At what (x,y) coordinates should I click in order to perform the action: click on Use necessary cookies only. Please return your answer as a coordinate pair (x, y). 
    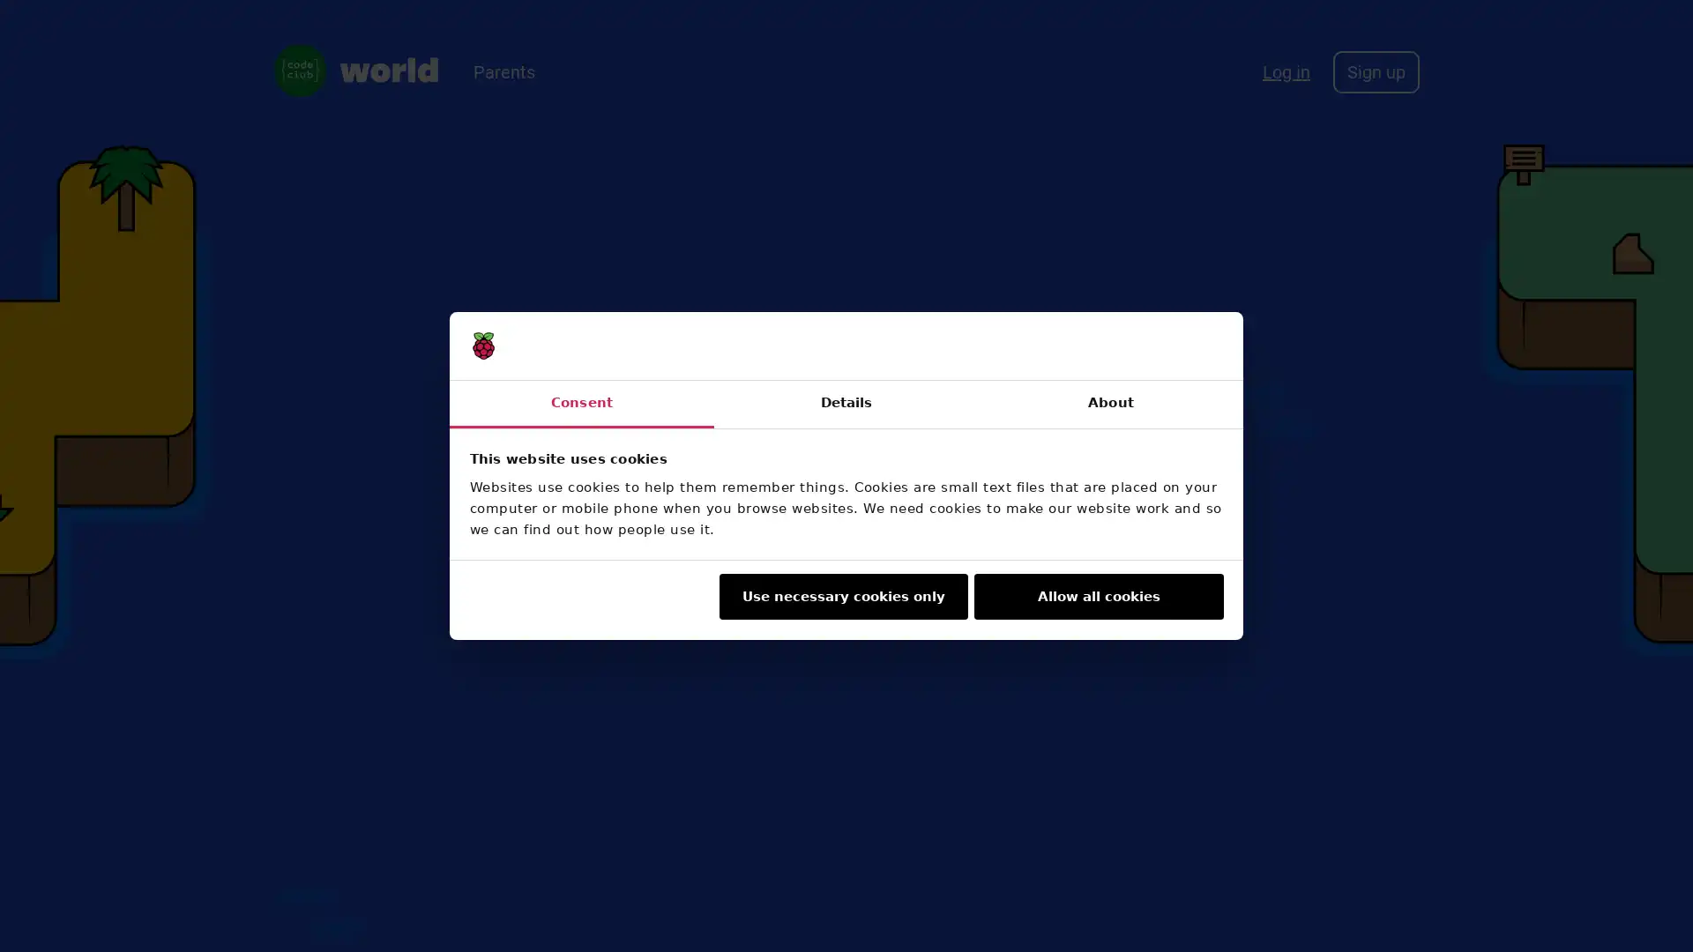
    Looking at the image, I should click on (841, 596).